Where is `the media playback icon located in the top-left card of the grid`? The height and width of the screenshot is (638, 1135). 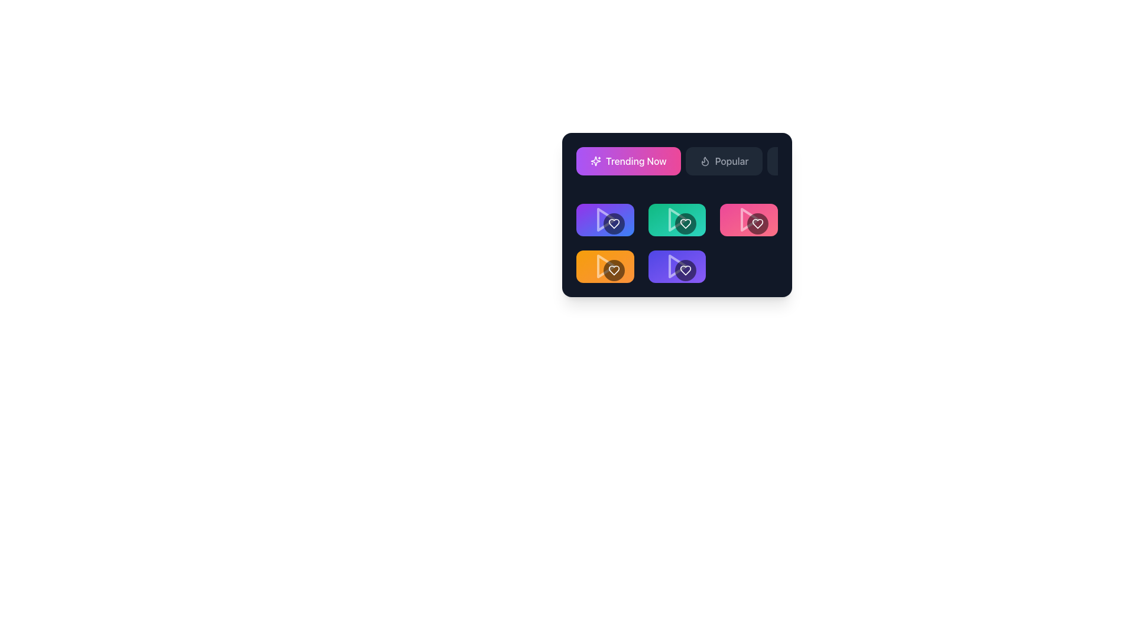 the media playback icon located in the top-left card of the grid is located at coordinates (605, 220).